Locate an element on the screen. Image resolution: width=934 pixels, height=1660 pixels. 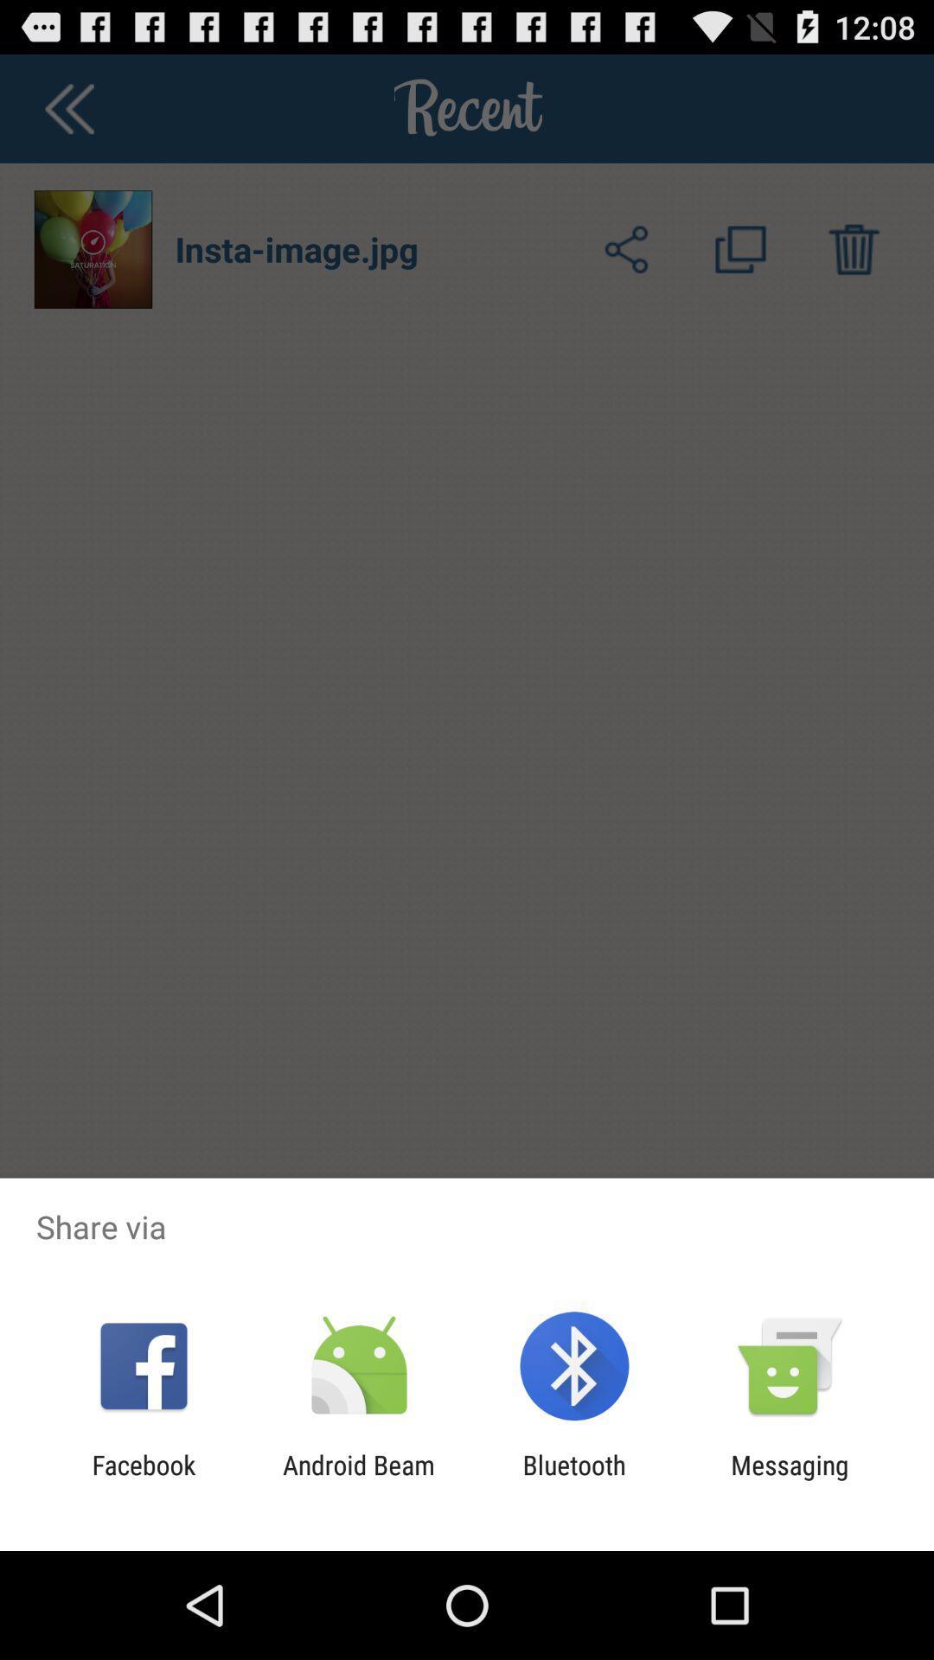
item next to the messaging is located at coordinates (574, 1479).